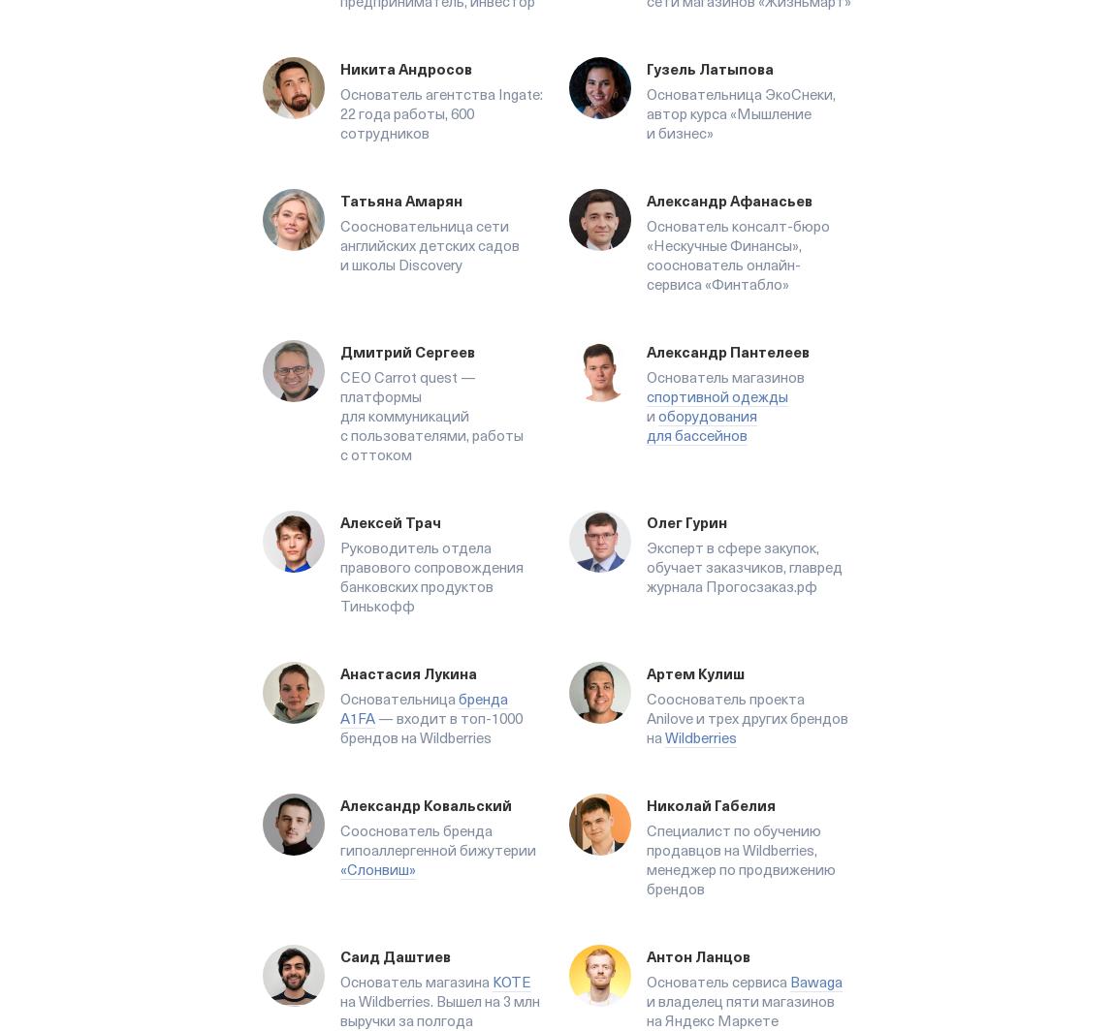 The height and width of the screenshot is (1031, 1115). What do you see at coordinates (737, 255) in the screenshot?
I see `'Основатель консалт-бюро «Нескучные Финансы», сооснователь онлайн-сервиса «Финтабло»'` at bounding box center [737, 255].